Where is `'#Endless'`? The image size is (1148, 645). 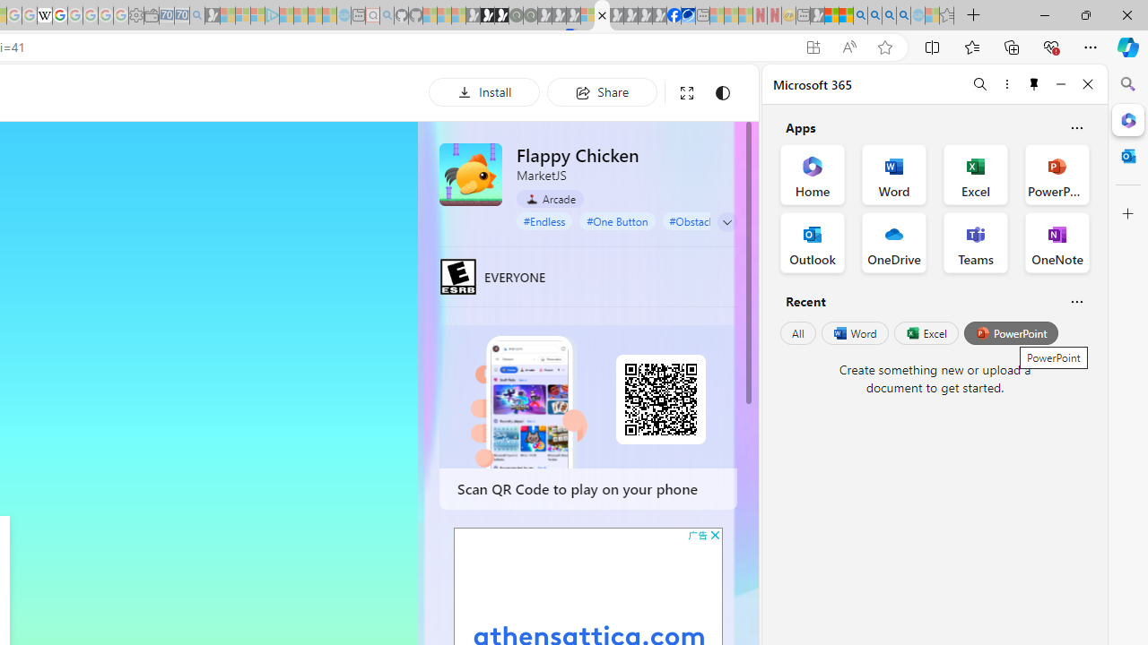
'#Endless' is located at coordinates (544, 219).